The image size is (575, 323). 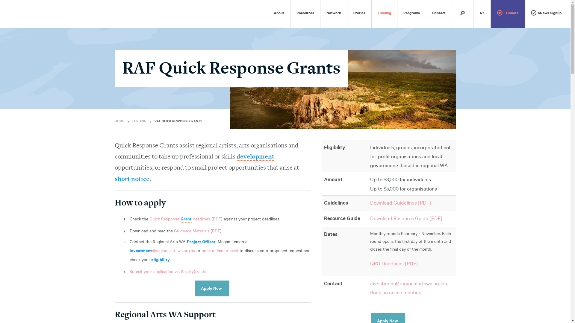 What do you see at coordinates (212, 288) in the screenshot?
I see `'Apply Now'` at bounding box center [212, 288].